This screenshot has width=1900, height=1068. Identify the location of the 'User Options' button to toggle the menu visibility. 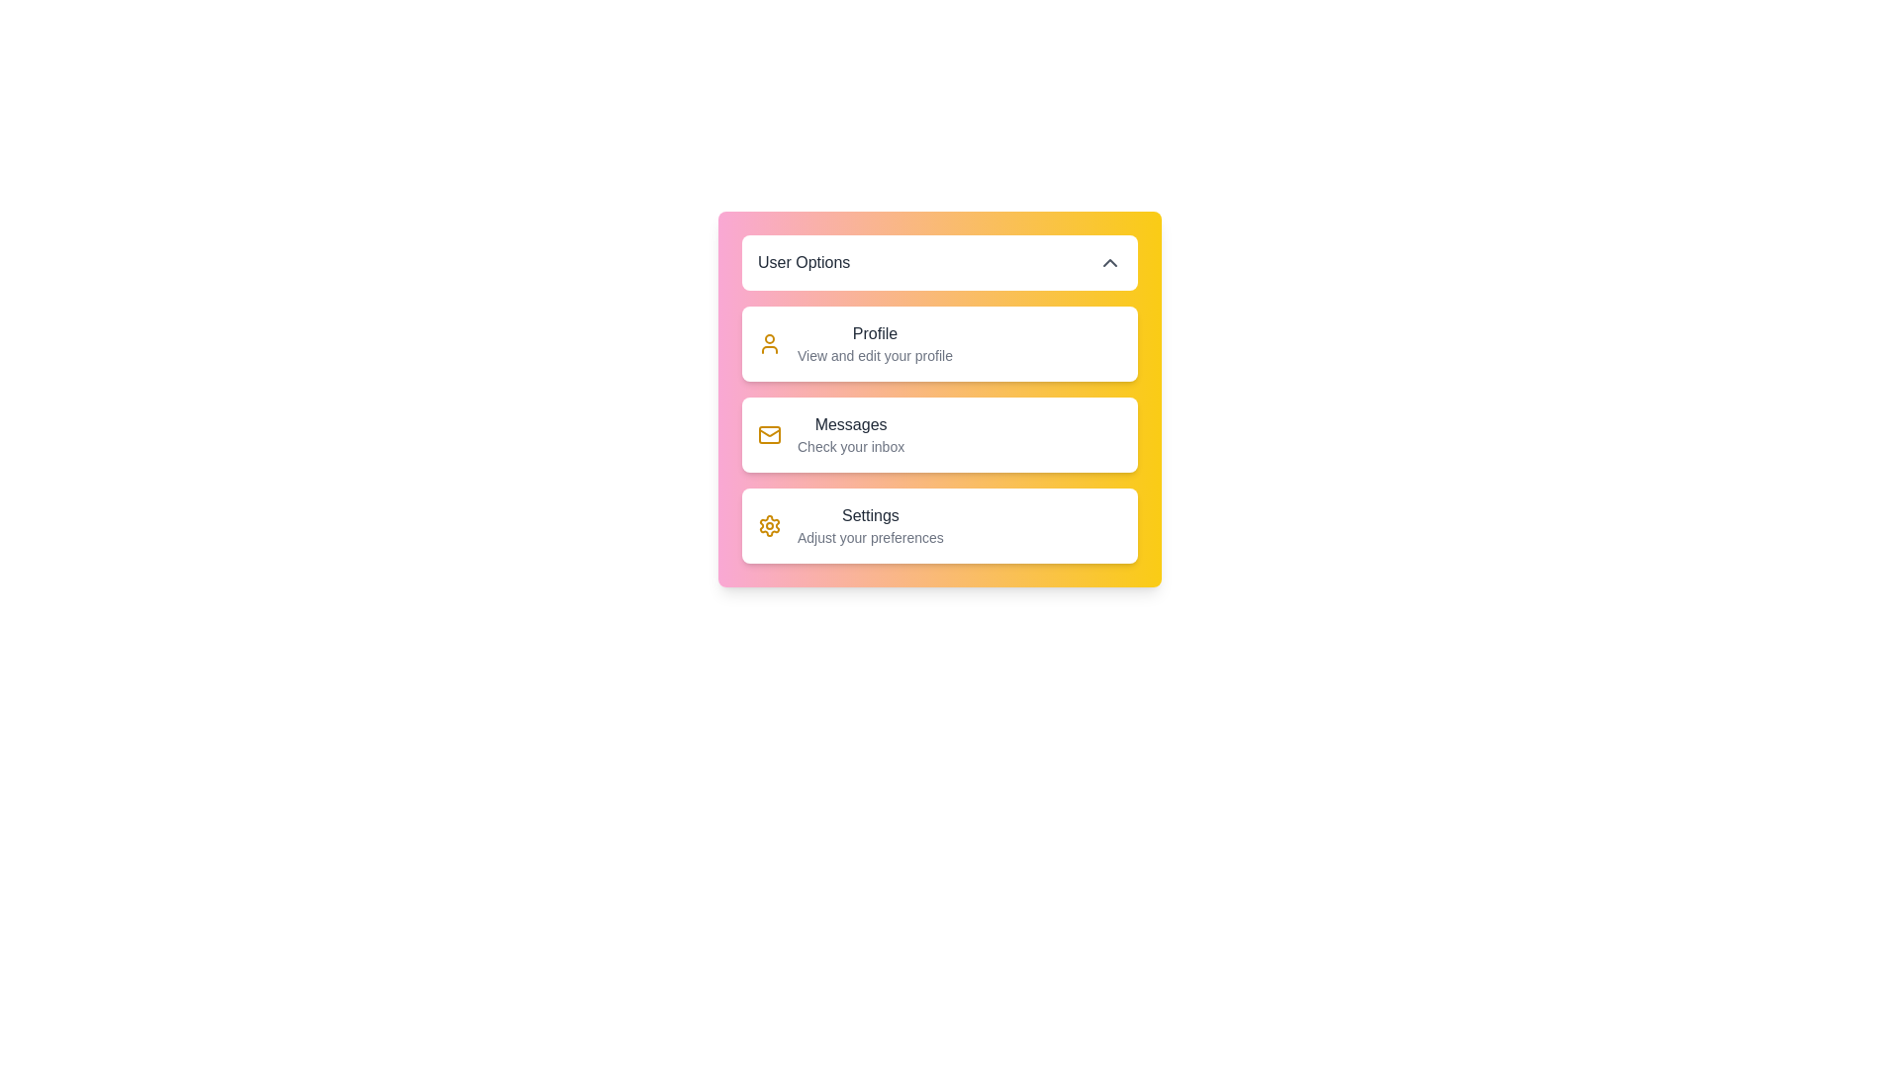
(939, 262).